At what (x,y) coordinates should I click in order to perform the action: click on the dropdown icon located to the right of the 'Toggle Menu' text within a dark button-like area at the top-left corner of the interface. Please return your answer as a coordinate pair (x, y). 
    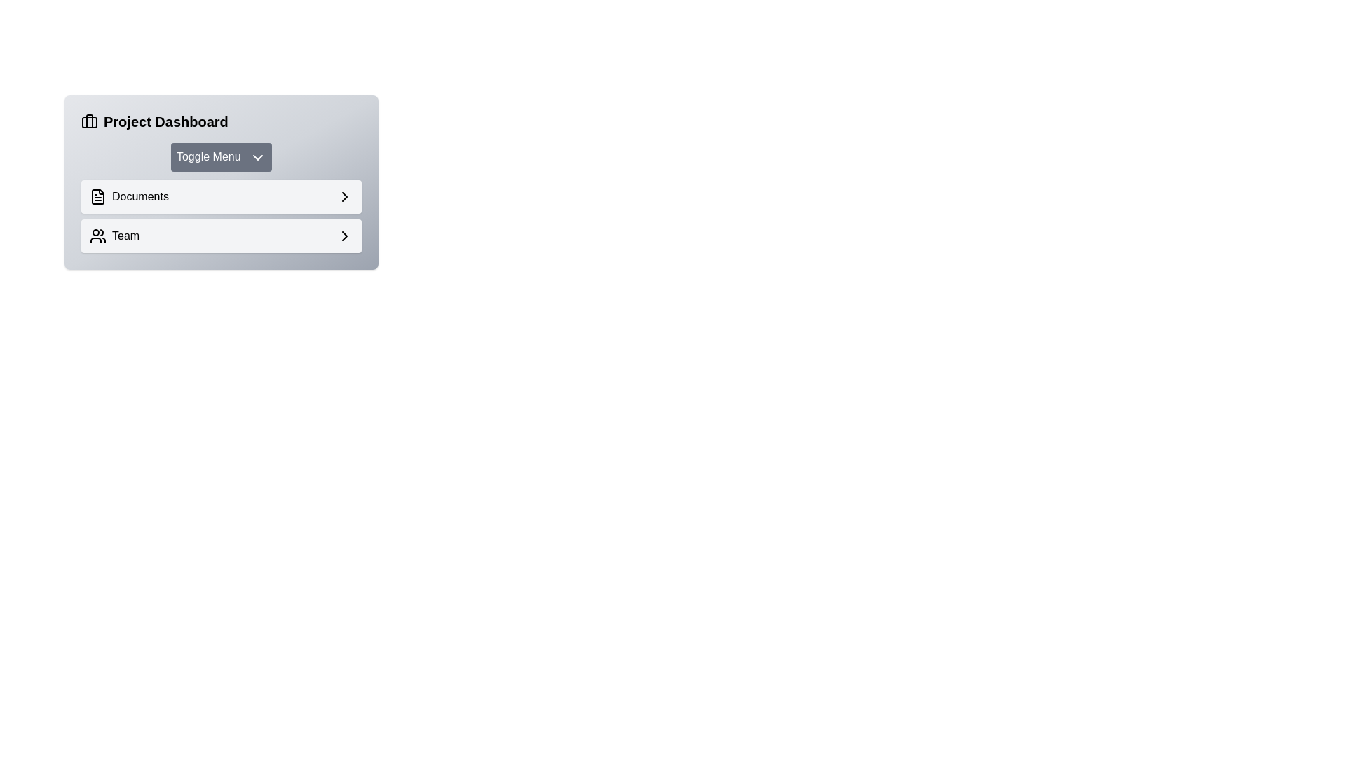
    Looking at the image, I should click on (258, 157).